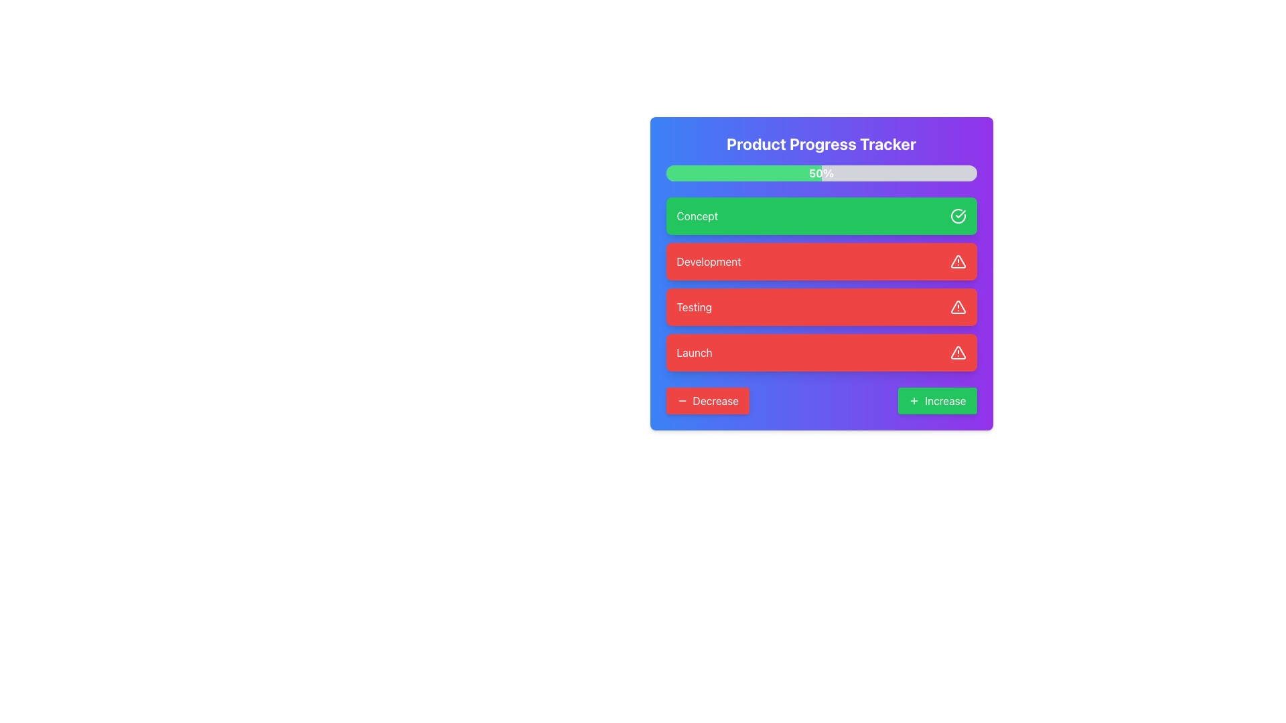 The height and width of the screenshot is (723, 1286). What do you see at coordinates (708, 261) in the screenshot?
I see `the static text label indicating the 'Development' stage of a progress tracker, which is positioned below the 'Concept' section and above 'Testing' and 'Launch' stages` at bounding box center [708, 261].